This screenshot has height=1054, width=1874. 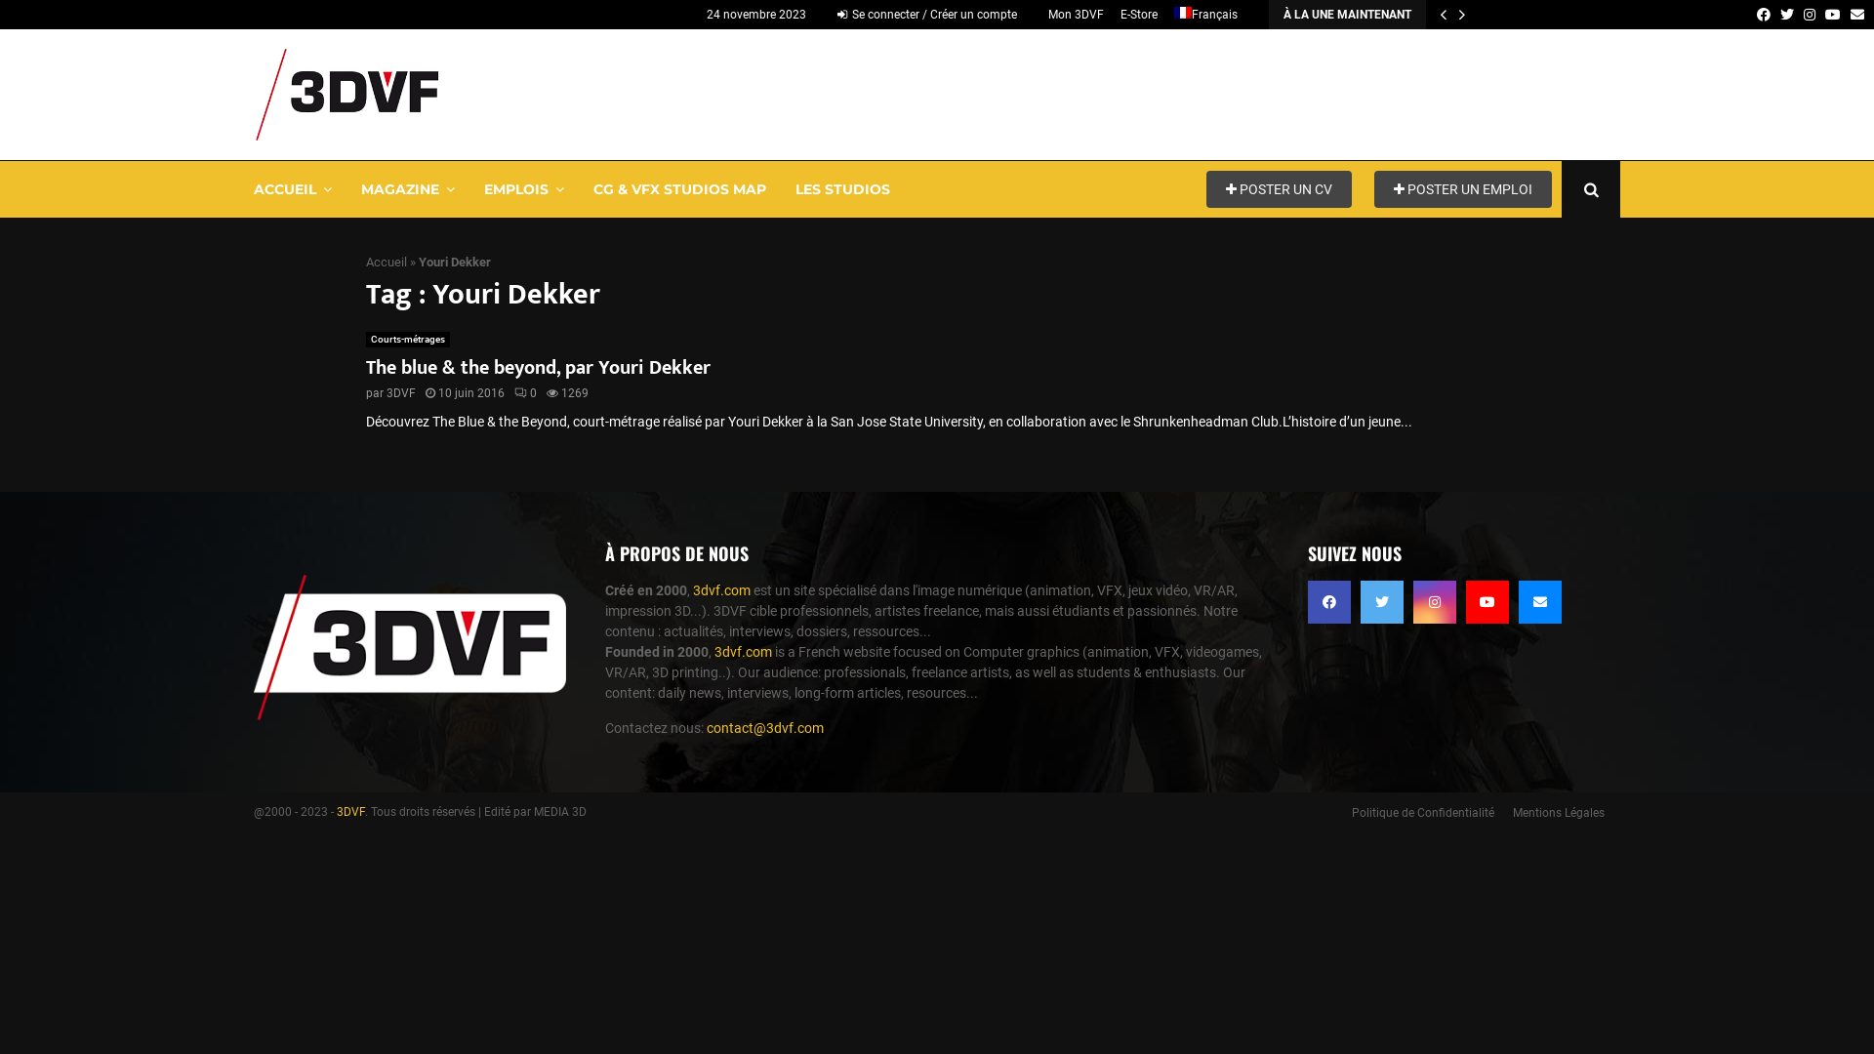 I want to click on 'ACCUEIL', so click(x=291, y=188).